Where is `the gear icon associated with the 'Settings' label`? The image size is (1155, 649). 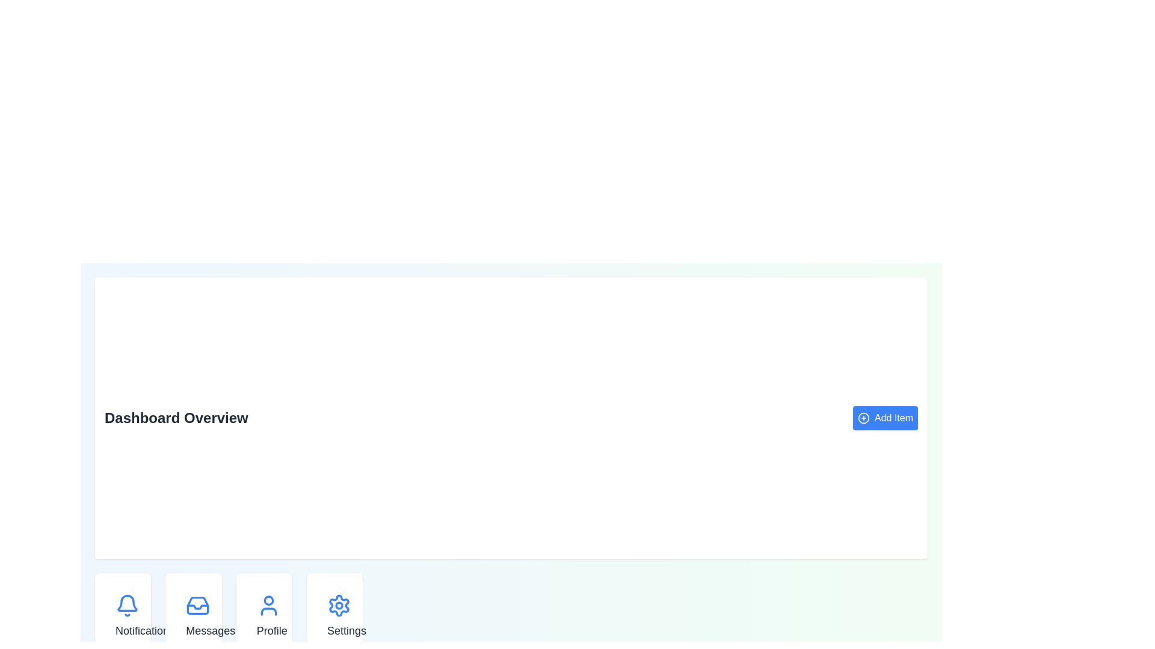
the gear icon associated with the 'Settings' label is located at coordinates (339, 605).